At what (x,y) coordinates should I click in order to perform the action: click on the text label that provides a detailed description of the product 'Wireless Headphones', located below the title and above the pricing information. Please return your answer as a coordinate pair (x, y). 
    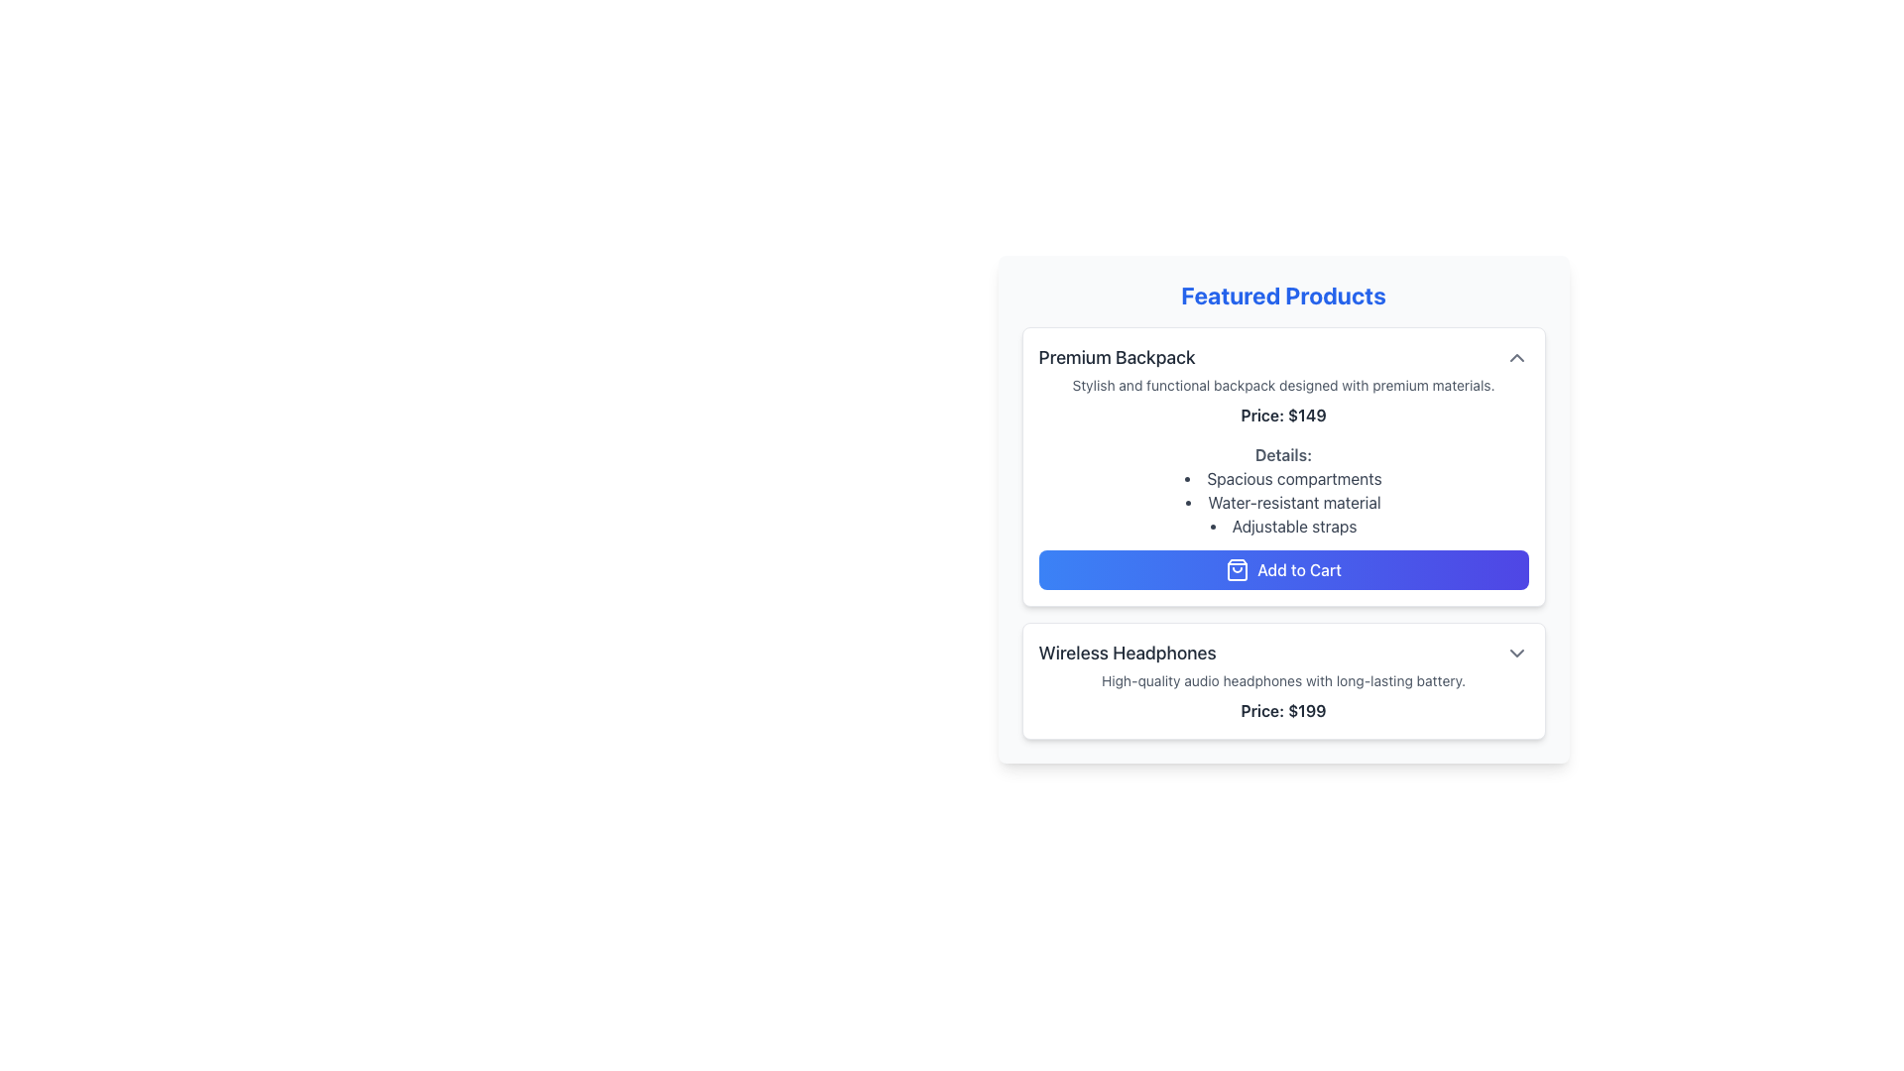
    Looking at the image, I should click on (1283, 679).